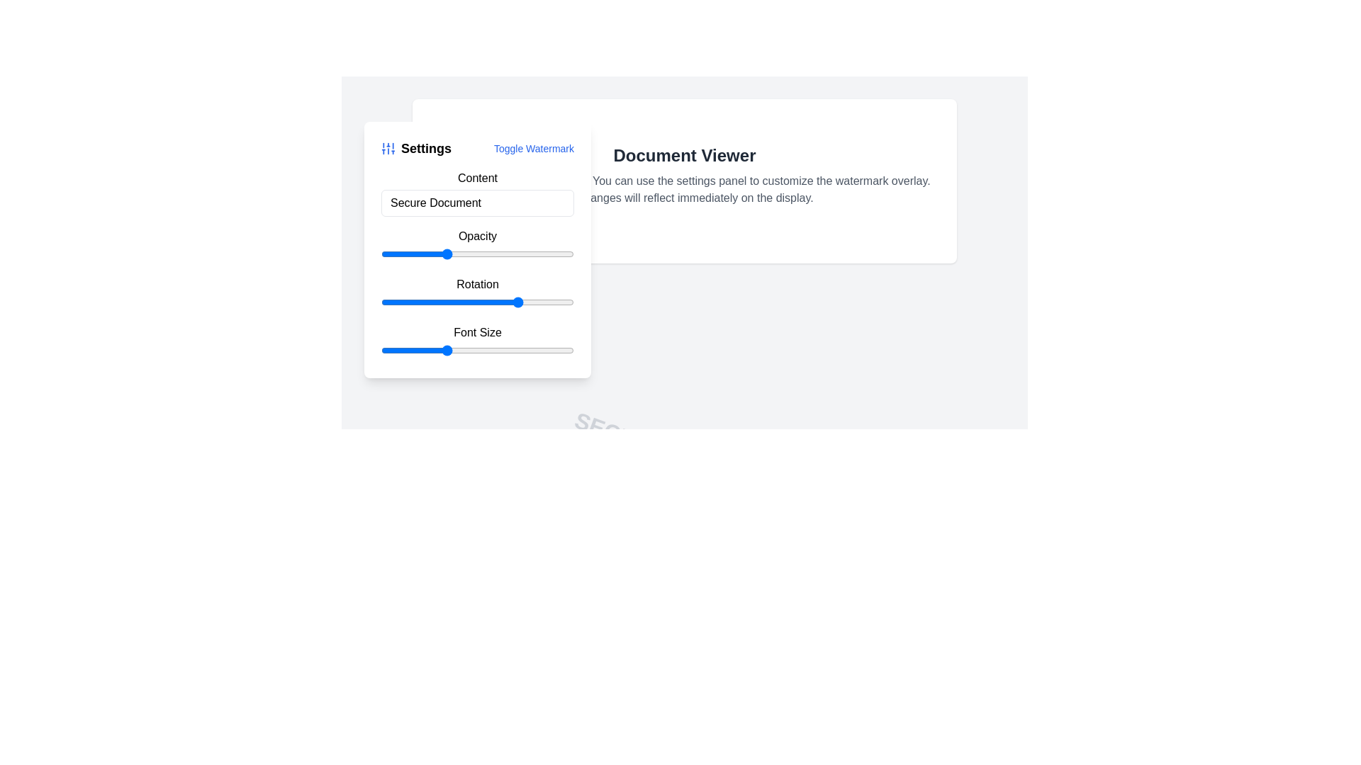  Describe the element at coordinates (473, 302) in the screenshot. I see `rotation` at that location.